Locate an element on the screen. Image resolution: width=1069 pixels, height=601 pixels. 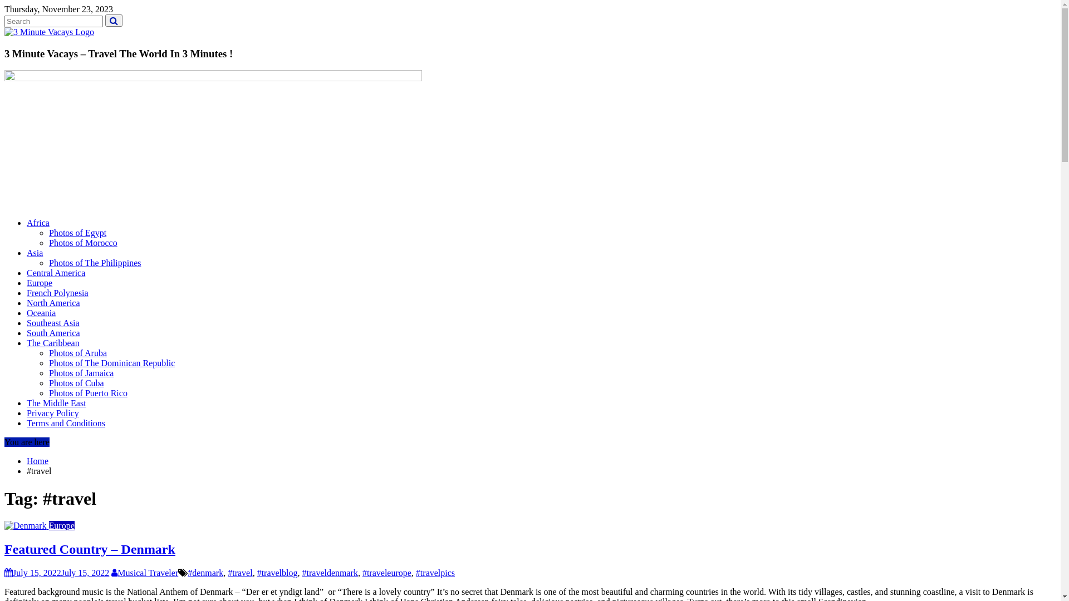
'July 15, 2022July 15, 2022' is located at coordinates (56, 573).